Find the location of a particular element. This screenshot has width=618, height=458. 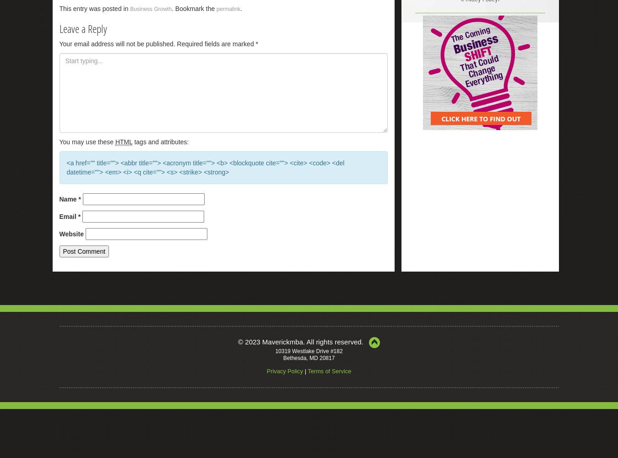

'This entry was posted in' is located at coordinates (59, 8).